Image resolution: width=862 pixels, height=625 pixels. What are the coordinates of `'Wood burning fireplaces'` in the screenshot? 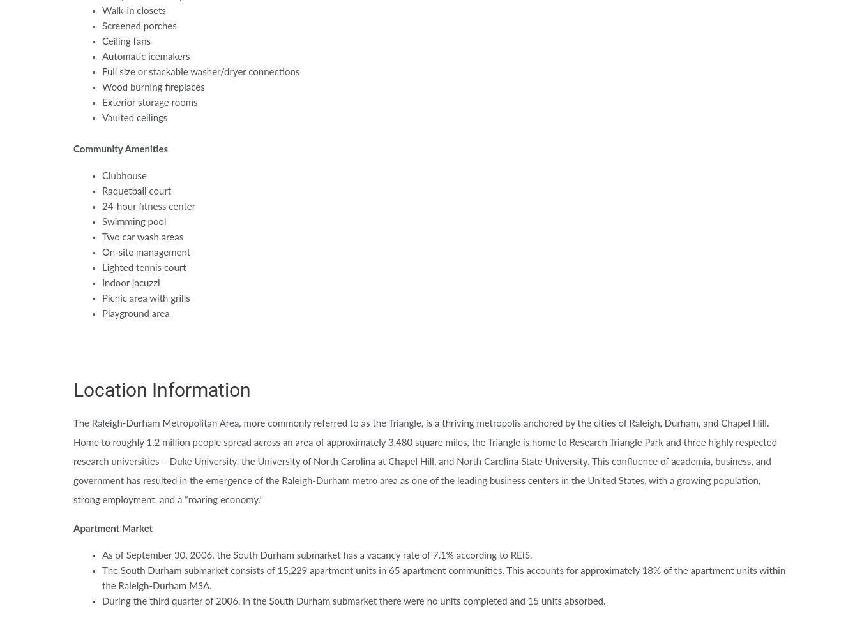 It's located at (153, 87).